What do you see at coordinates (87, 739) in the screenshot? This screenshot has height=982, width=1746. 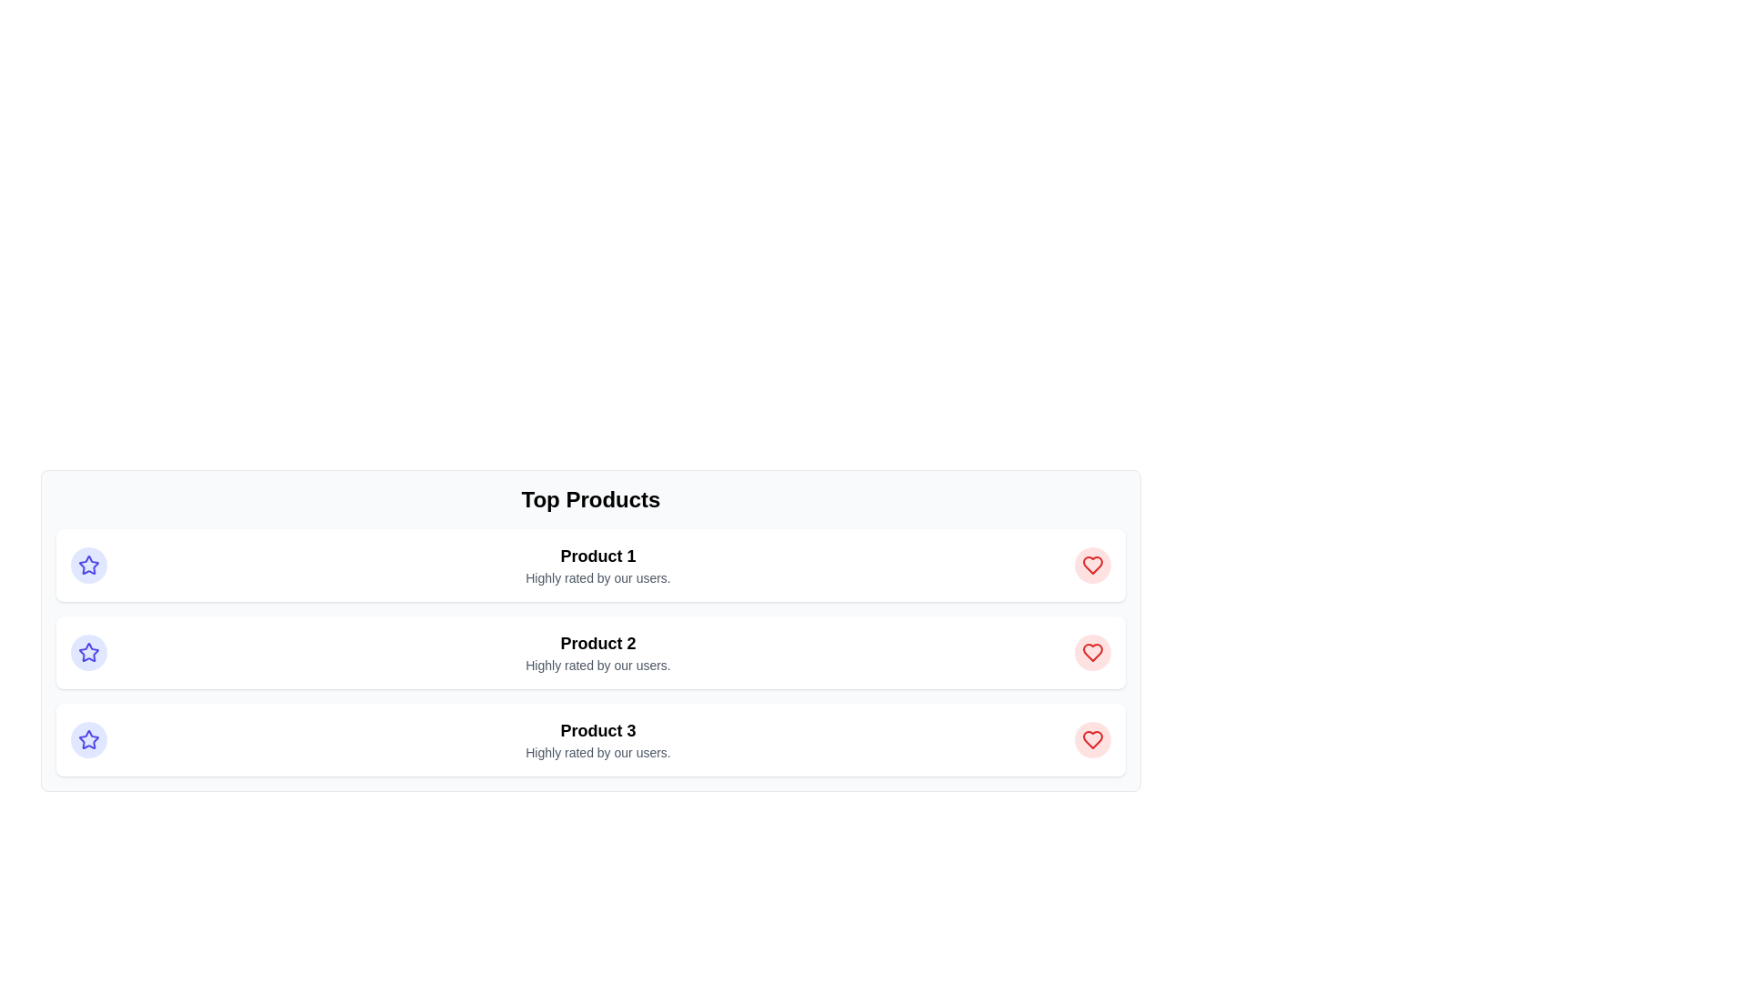 I see `the star icon within the circular light blue background located on the left side of the third row corresponding to 'Product 3' for potential interaction` at bounding box center [87, 739].